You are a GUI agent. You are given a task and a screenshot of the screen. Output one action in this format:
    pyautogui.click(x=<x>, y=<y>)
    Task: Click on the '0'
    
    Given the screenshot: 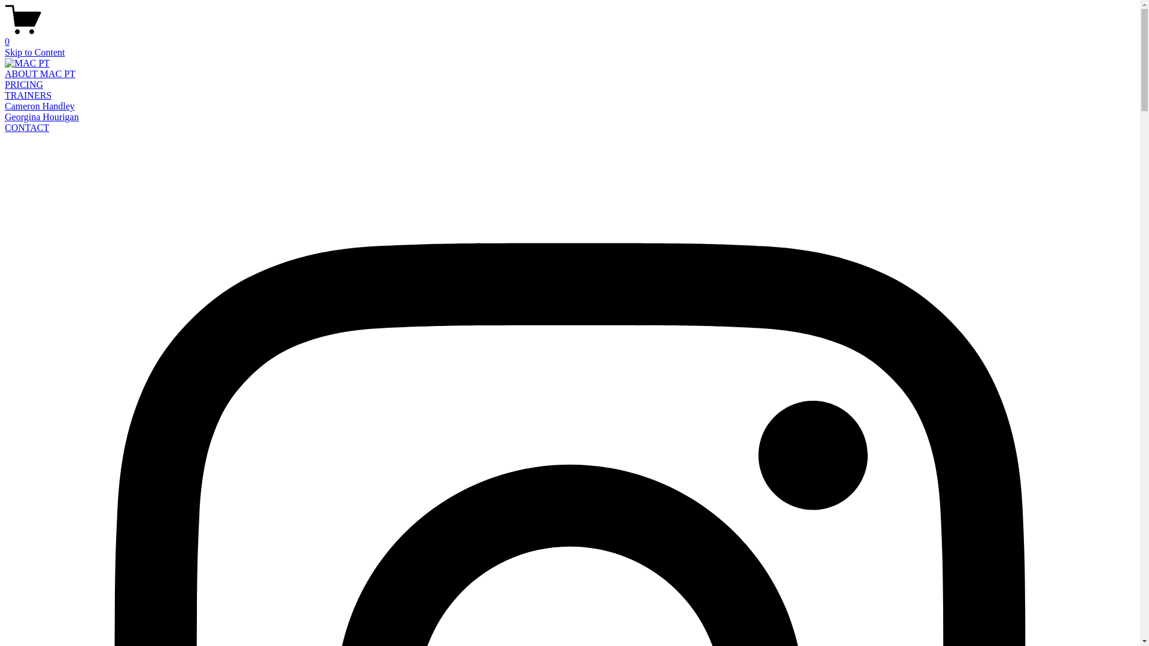 What is the action you would take?
    pyautogui.click(x=569, y=36)
    